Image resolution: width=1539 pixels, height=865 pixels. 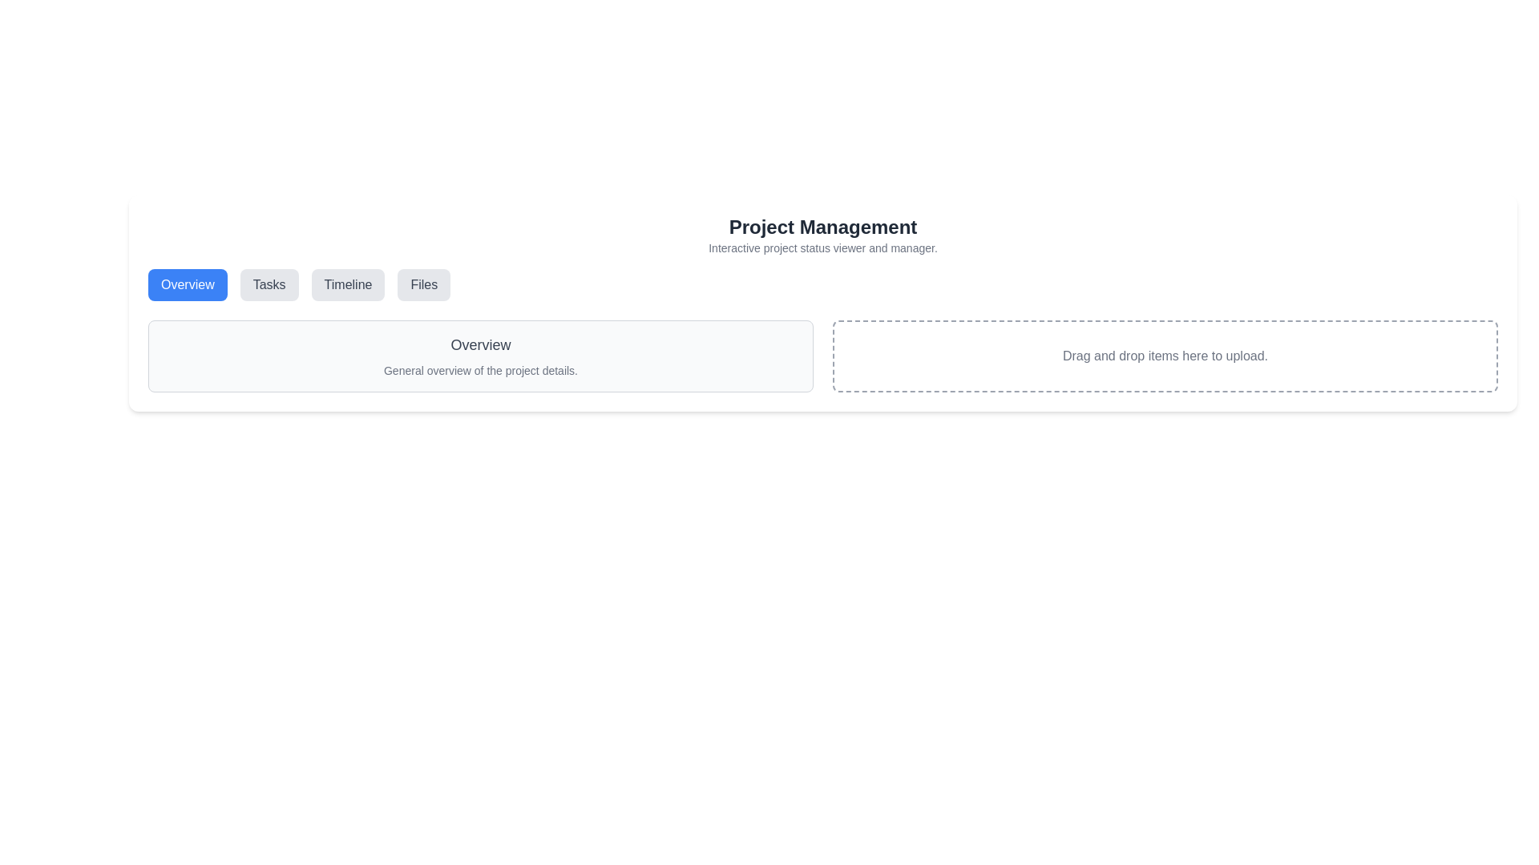 What do you see at coordinates (823, 227) in the screenshot?
I see `the title text 'Project Management' which is styled in bold and located centrally in the header section of the UI` at bounding box center [823, 227].